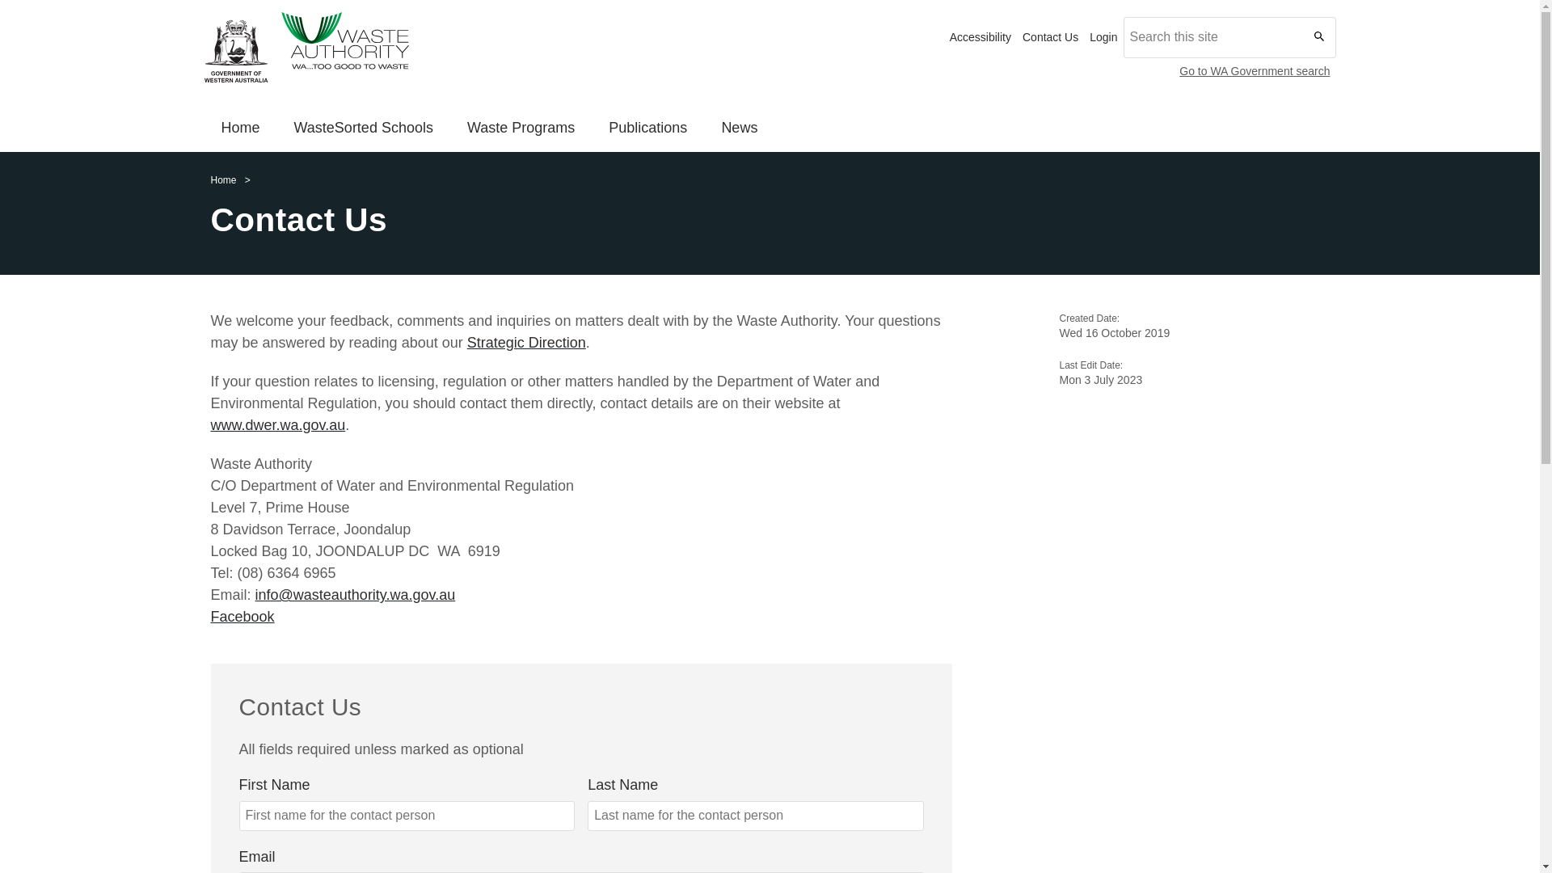  I want to click on 'Publications', so click(647, 129).